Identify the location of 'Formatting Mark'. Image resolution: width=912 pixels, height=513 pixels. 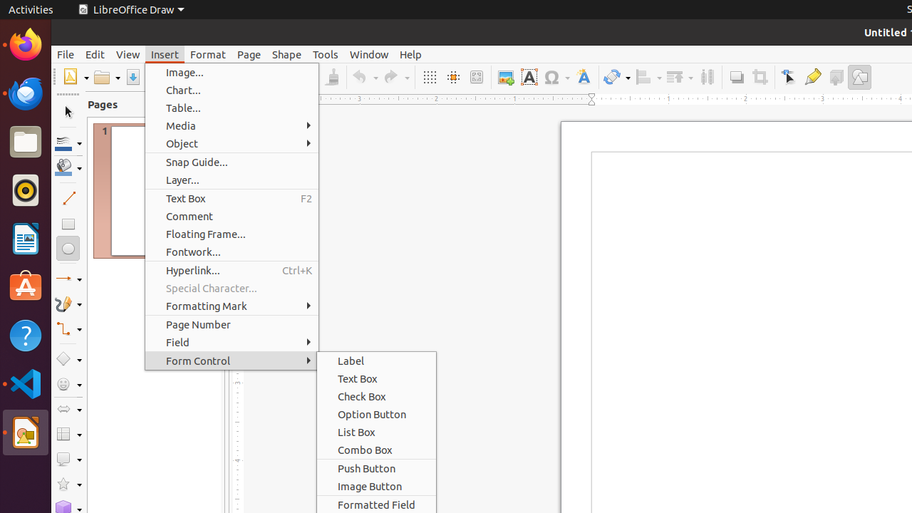
(232, 305).